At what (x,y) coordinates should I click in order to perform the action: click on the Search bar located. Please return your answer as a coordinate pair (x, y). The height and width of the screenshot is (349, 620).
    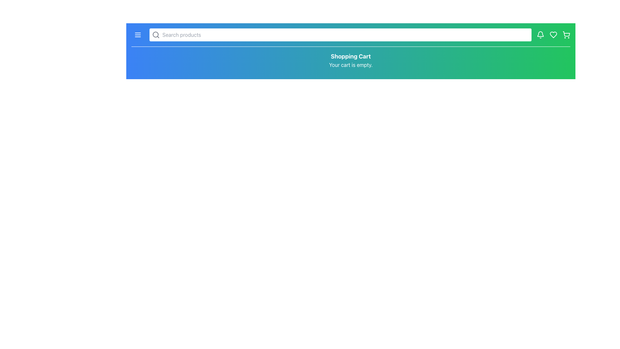
    Looking at the image, I should click on (340, 35).